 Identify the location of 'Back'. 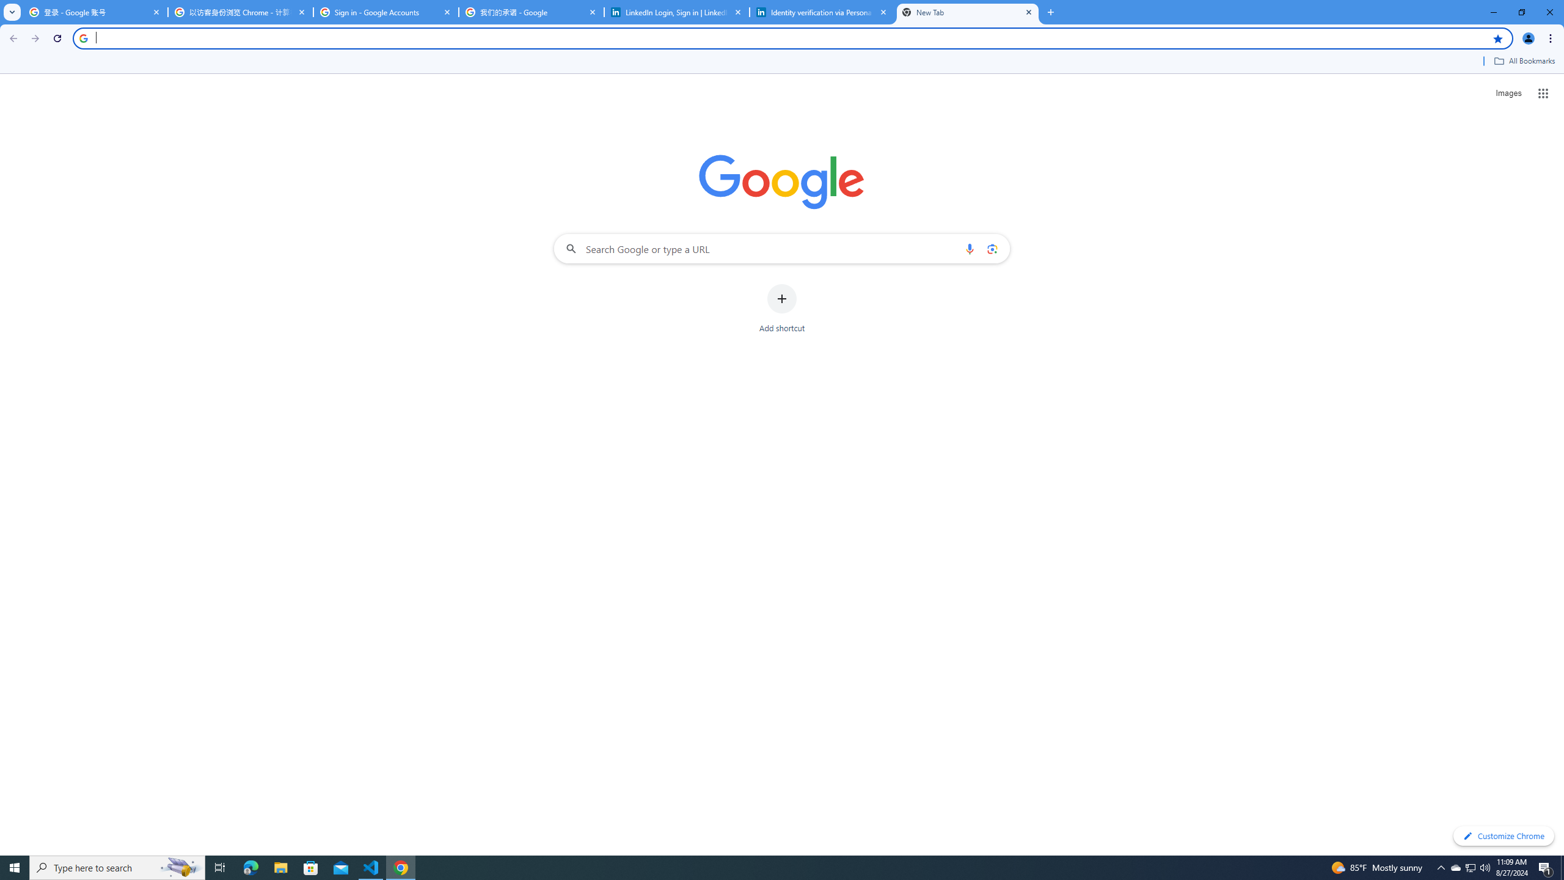
(12, 38).